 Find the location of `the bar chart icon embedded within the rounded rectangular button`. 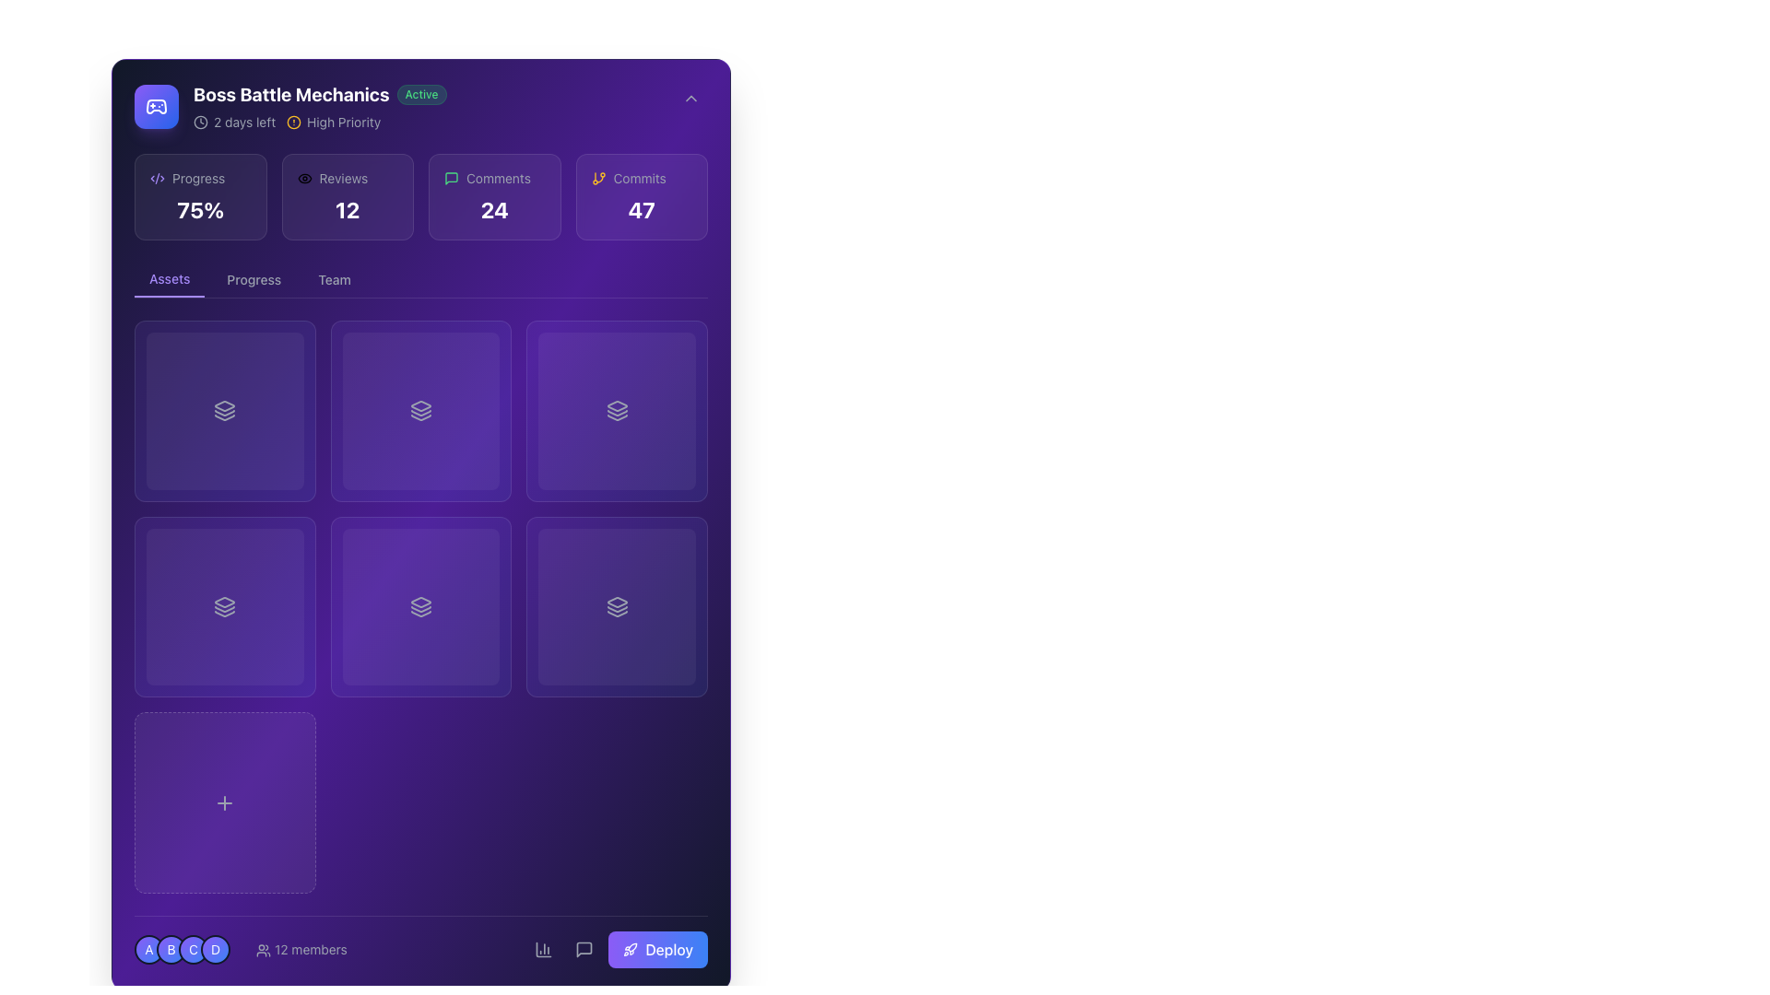

the bar chart icon embedded within the rounded rectangular button is located at coordinates (543, 949).